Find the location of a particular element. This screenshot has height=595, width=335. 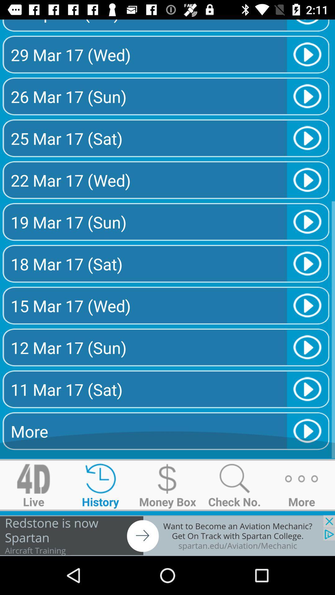

adverts is located at coordinates (167, 535).